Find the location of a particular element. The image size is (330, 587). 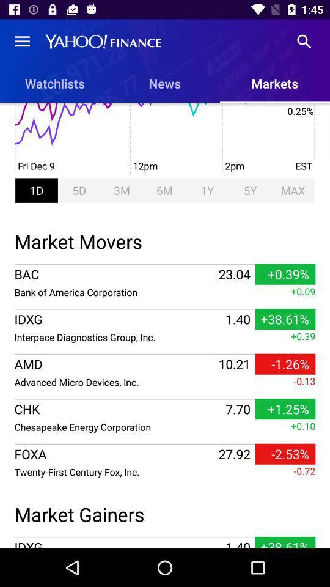

the icon below 1d is located at coordinates (165, 239).